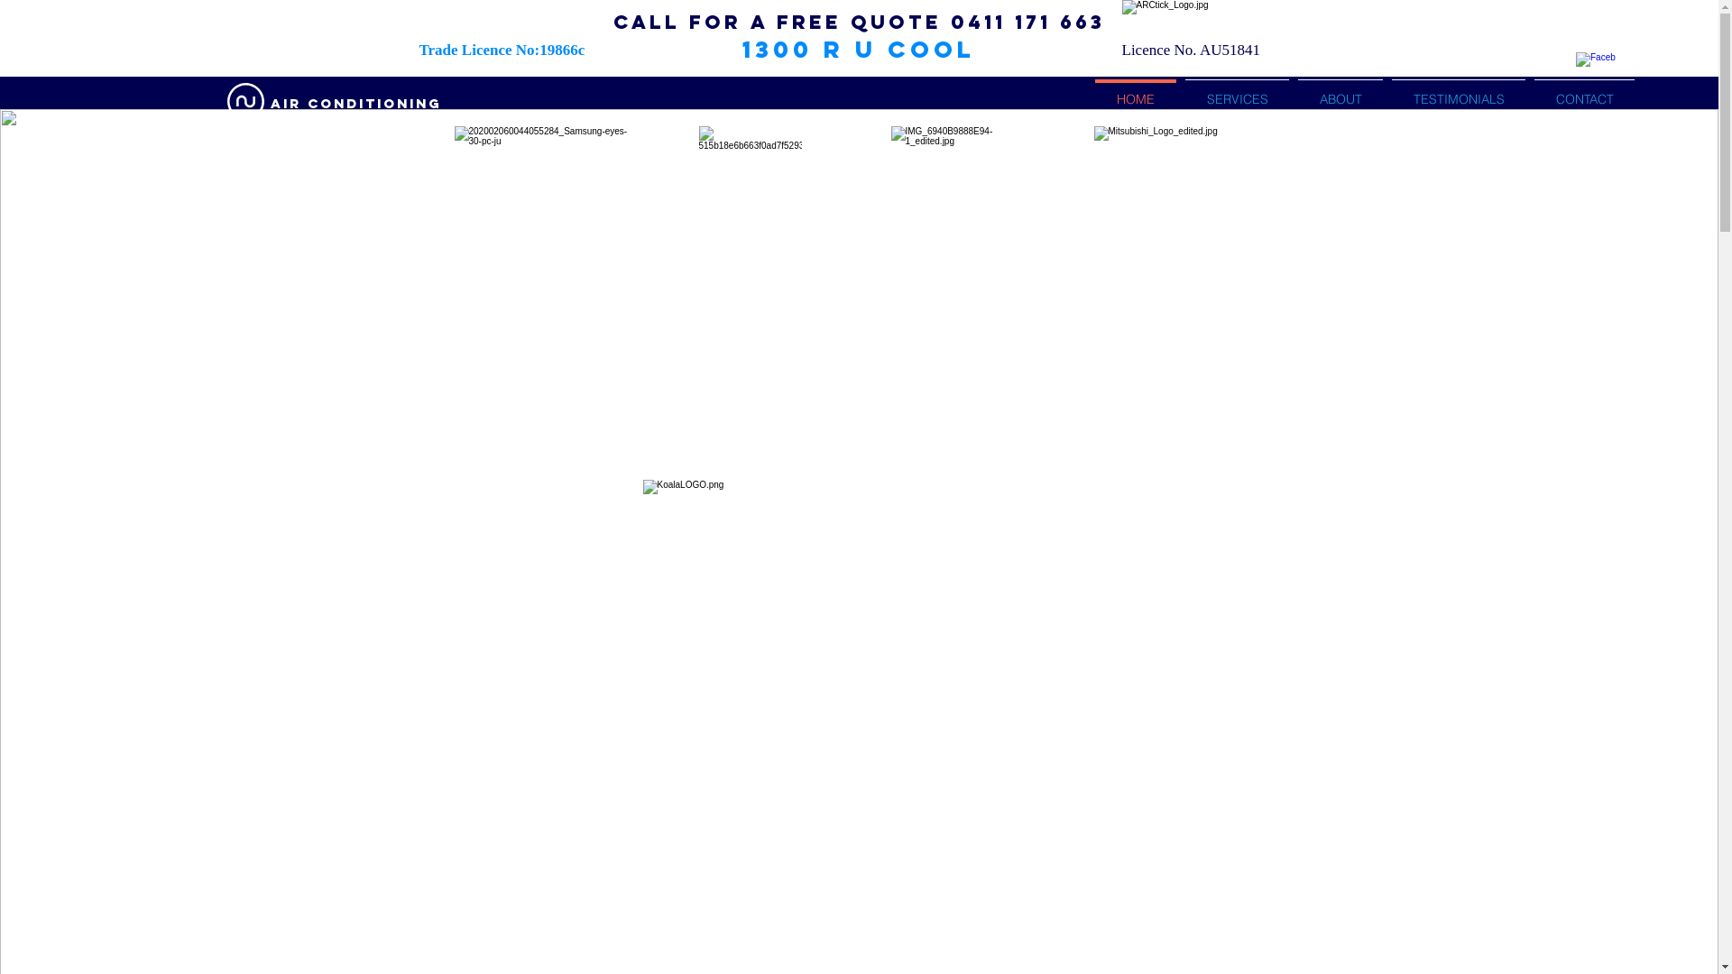  What do you see at coordinates (1134, 91) in the screenshot?
I see `'HOME'` at bounding box center [1134, 91].